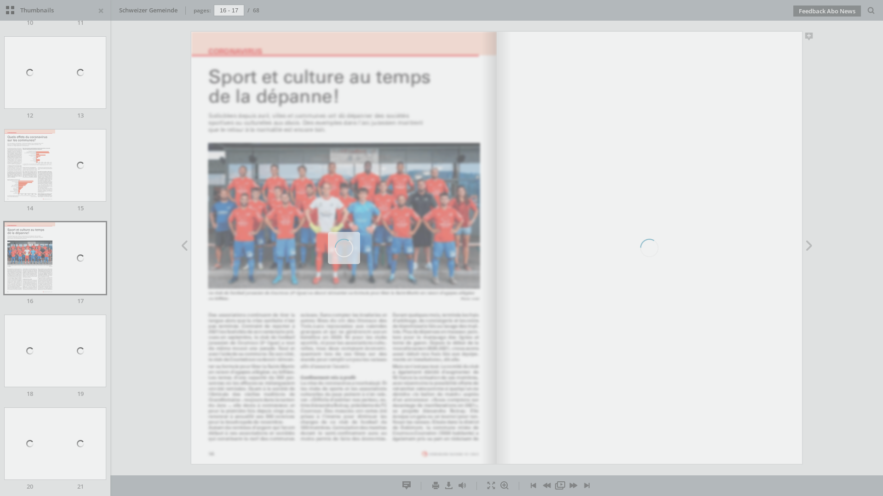 This screenshot has width=883, height=496. I want to click on 'Feedback Abo News', so click(827, 11).